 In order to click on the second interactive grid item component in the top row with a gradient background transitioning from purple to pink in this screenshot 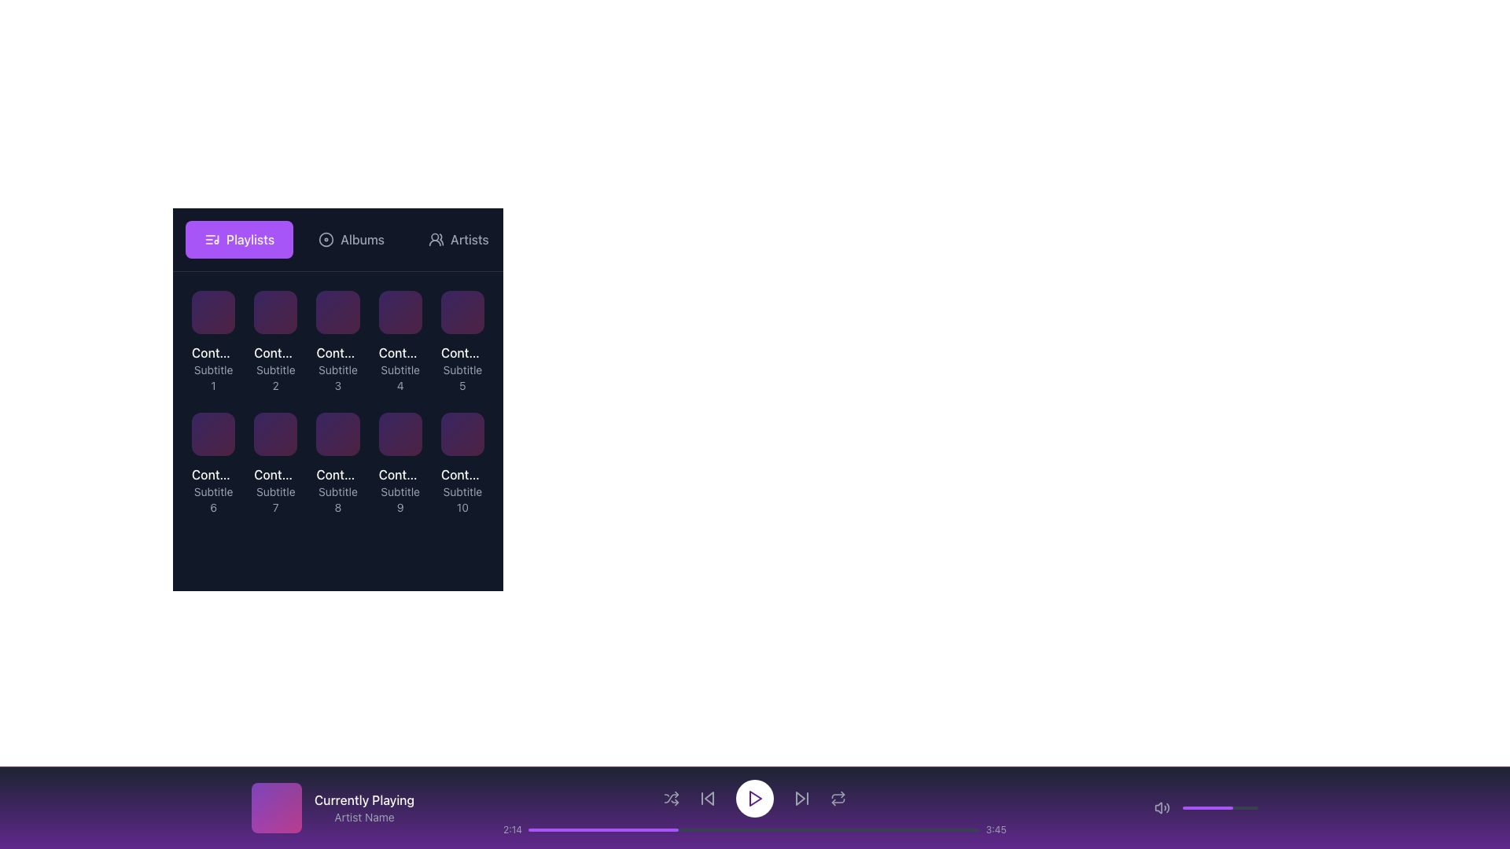, I will do `click(275, 312)`.